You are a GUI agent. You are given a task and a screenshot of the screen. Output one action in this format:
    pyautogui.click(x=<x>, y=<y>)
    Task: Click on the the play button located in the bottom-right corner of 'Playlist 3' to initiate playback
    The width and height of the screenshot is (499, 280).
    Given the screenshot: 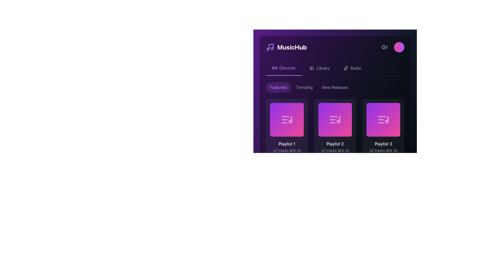 What is the action you would take?
    pyautogui.click(x=390, y=124)
    